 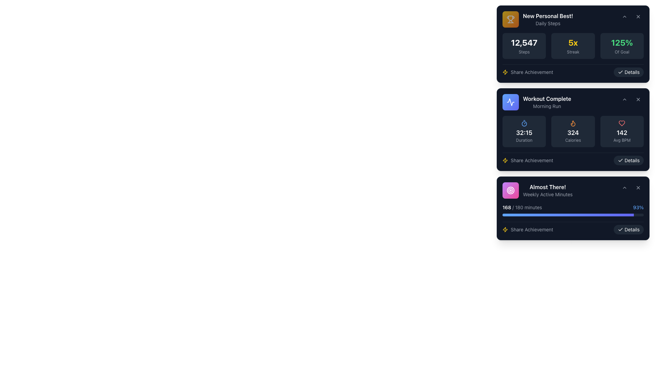 What do you see at coordinates (638, 207) in the screenshot?
I see `the text label displaying '93%' styled with blue text, located at the end of a text line within a progress tracker card` at bounding box center [638, 207].